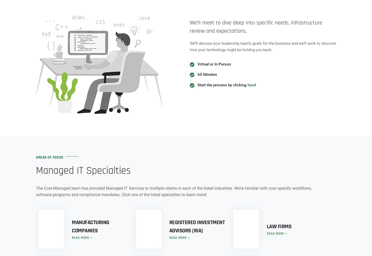 The width and height of the screenshot is (372, 256). I want to click on 'The Core Managed team has provided Managed IT Services to multiple clients in each of the listed industries.  We’re familiar with your specific workflows, software programs and compliance mandates.  Click one of the listed specialties to learn more!', so click(173, 191).